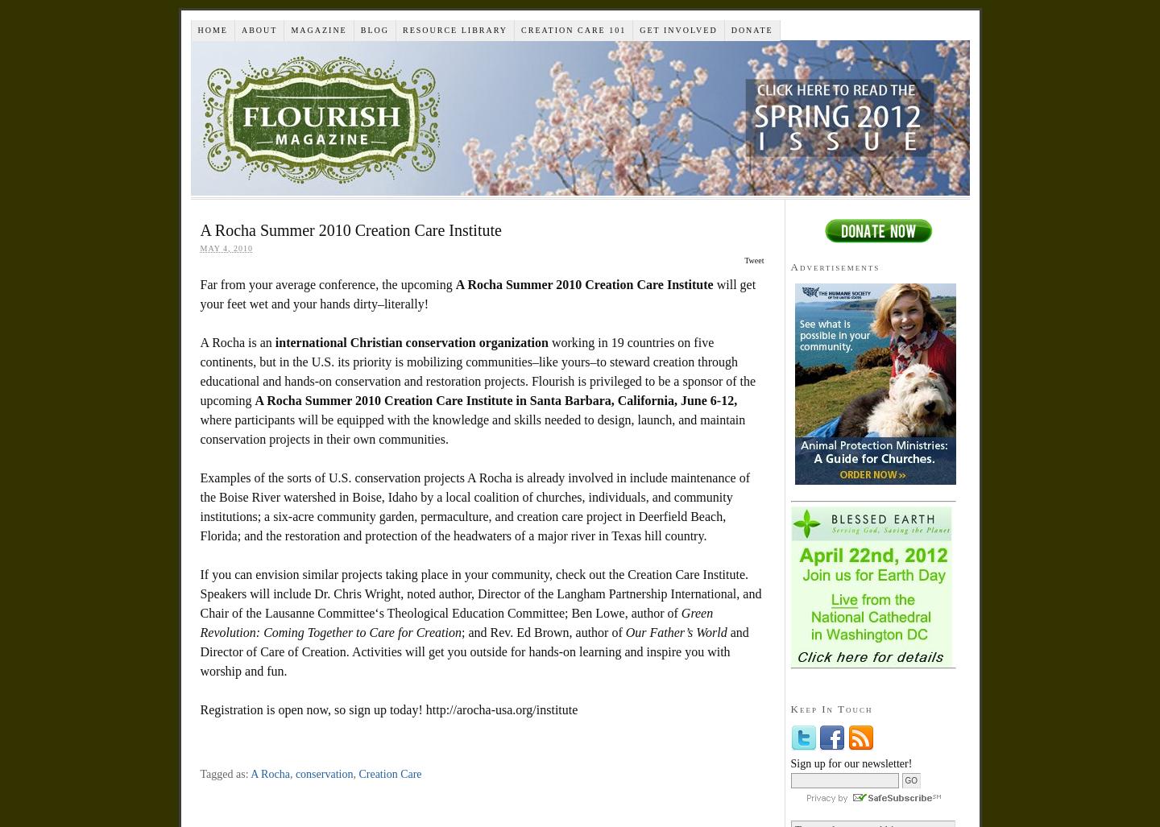  What do you see at coordinates (323, 774) in the screenshot?
I see `'conservation'` at bounding box center [323, 774].